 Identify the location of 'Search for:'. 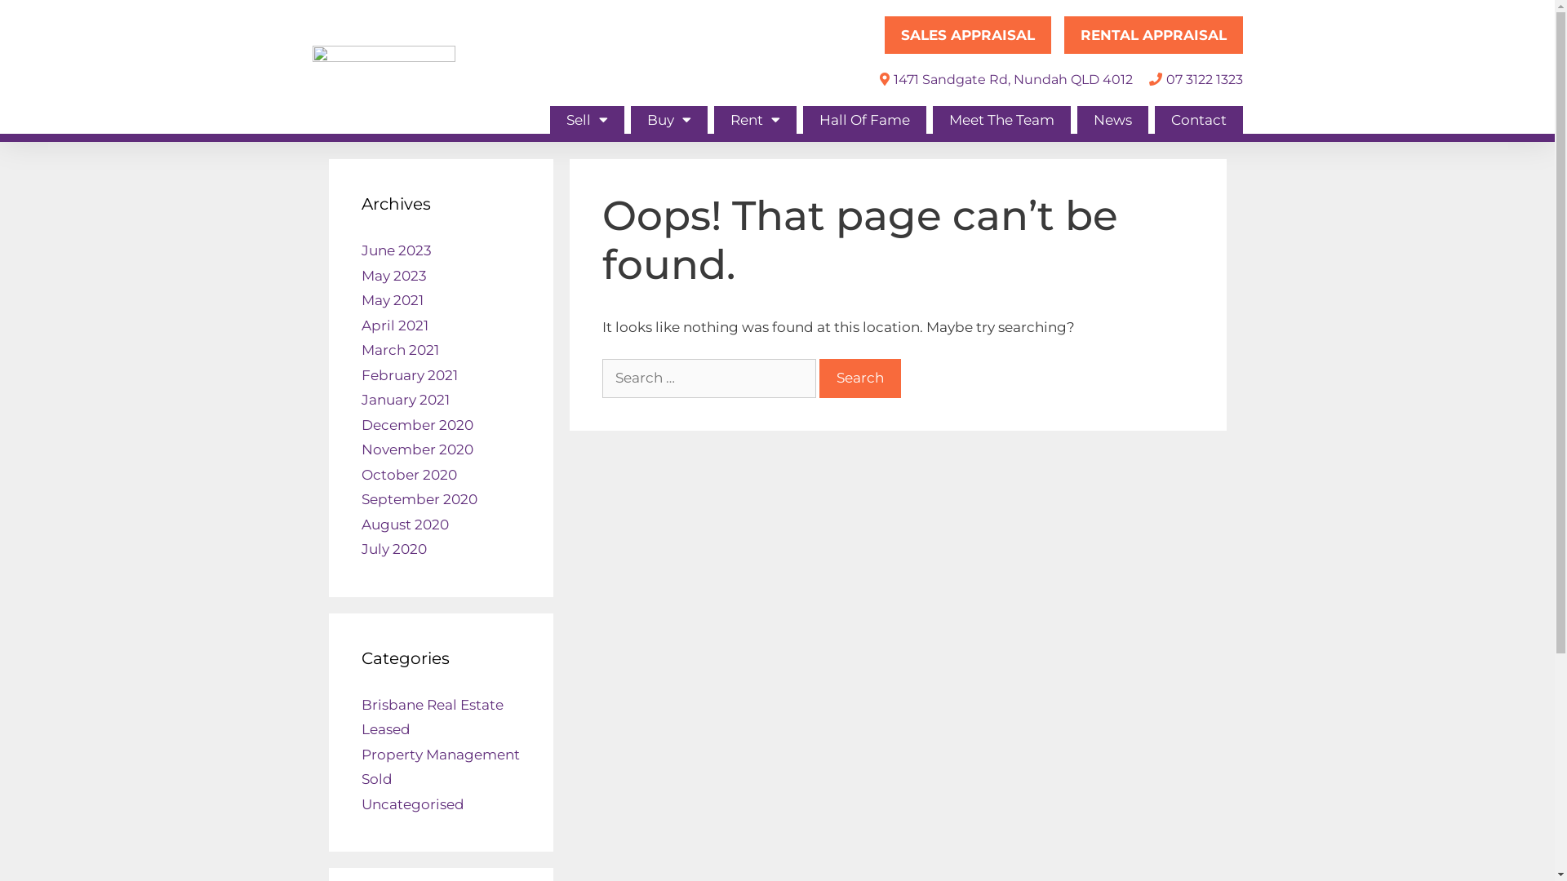
(708, 378).